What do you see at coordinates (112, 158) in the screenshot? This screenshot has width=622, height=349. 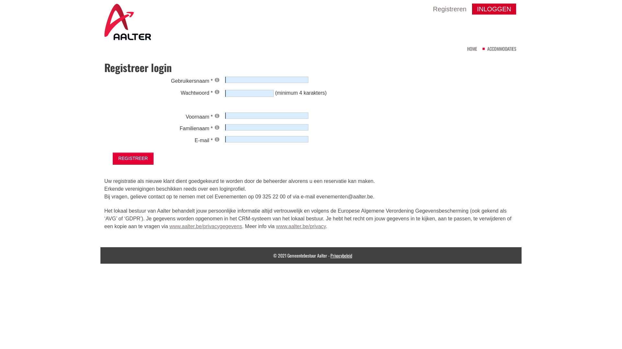 I see `'REGISTREER'` at bounding box center [112, 158].